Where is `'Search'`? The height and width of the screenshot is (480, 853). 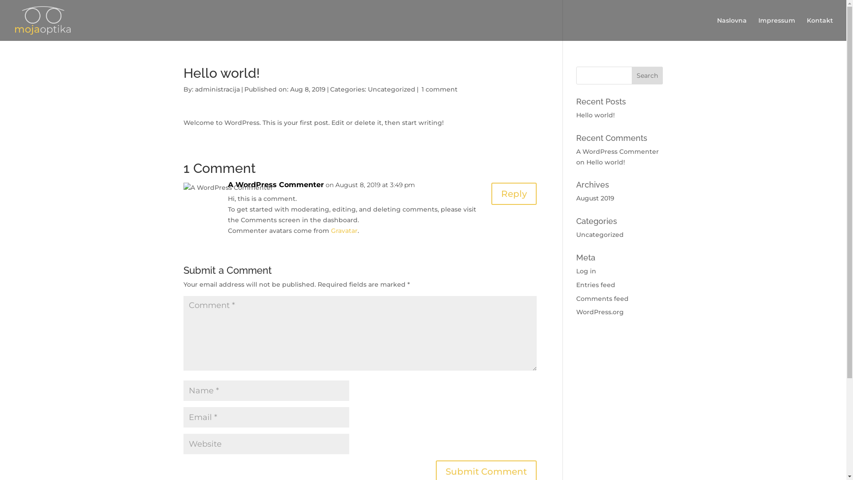 'Search' is located at coordinates (647, 75).